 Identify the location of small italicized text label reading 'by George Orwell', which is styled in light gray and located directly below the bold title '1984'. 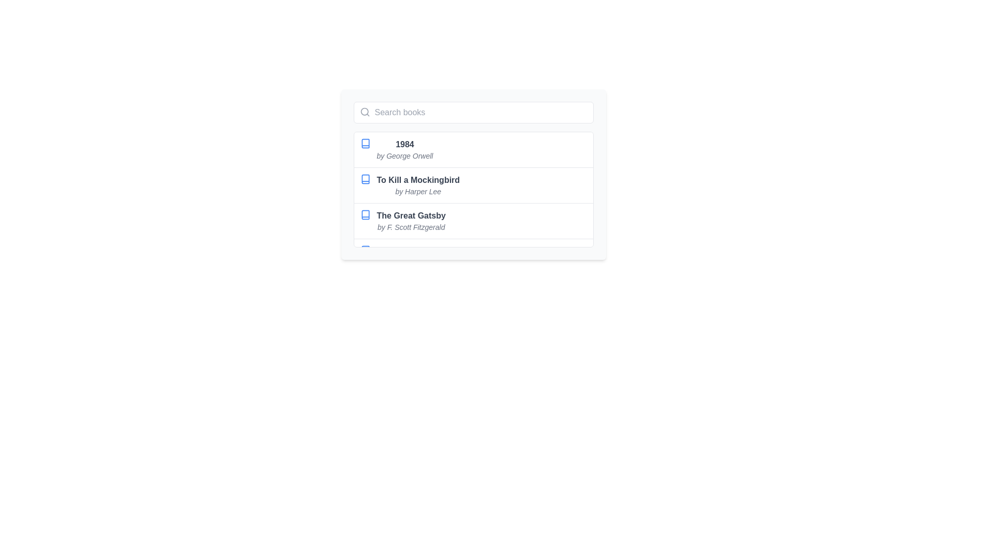
(404, 156).